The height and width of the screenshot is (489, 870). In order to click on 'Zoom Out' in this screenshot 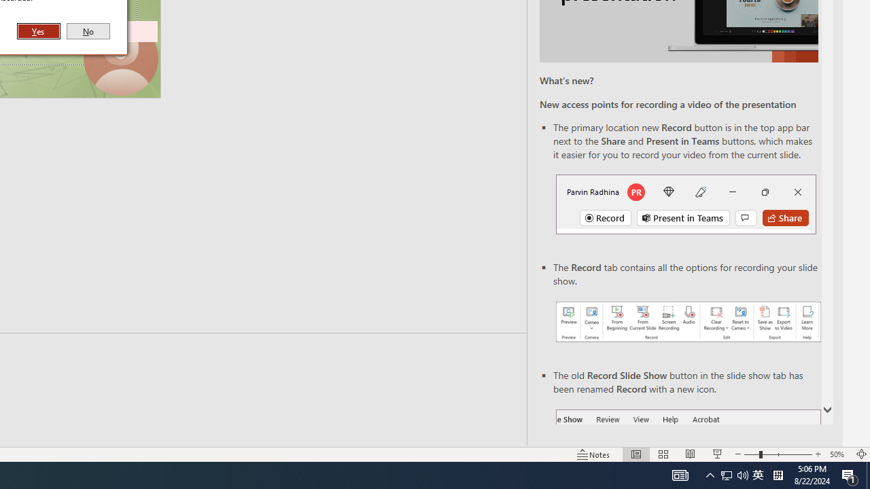, I will do `click(750, 454)`.